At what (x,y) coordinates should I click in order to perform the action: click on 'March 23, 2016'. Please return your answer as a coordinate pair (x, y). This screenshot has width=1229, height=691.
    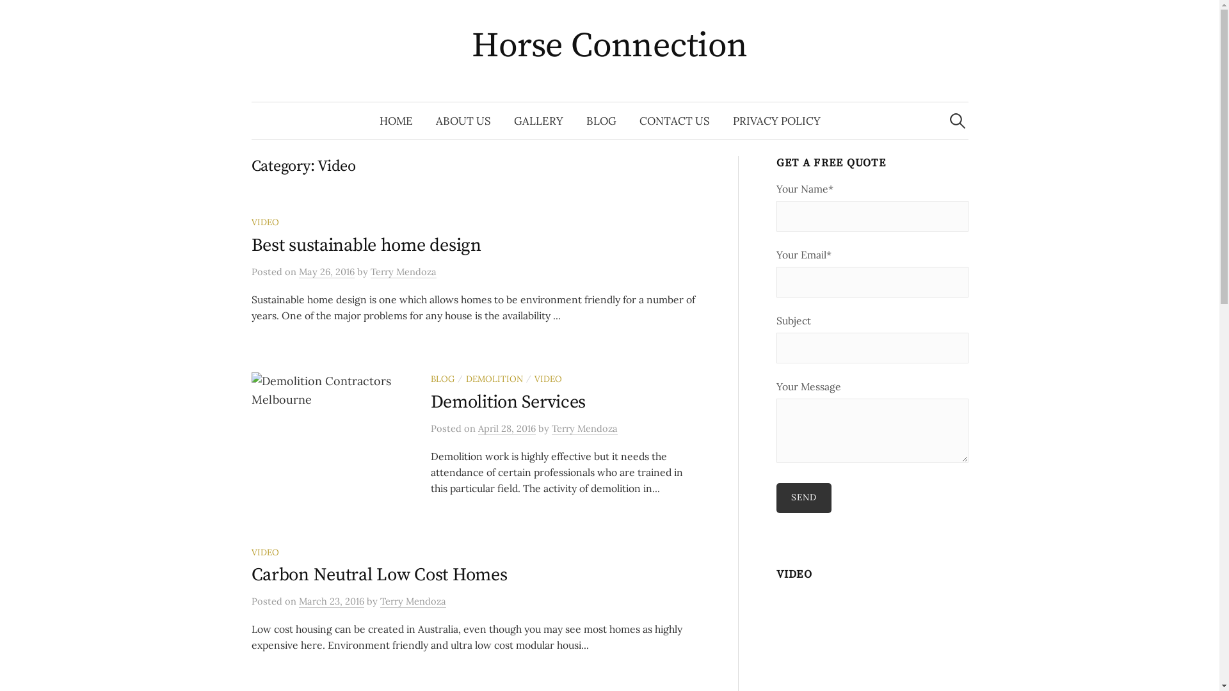
    Looking at the image, I should click on (331, 601).